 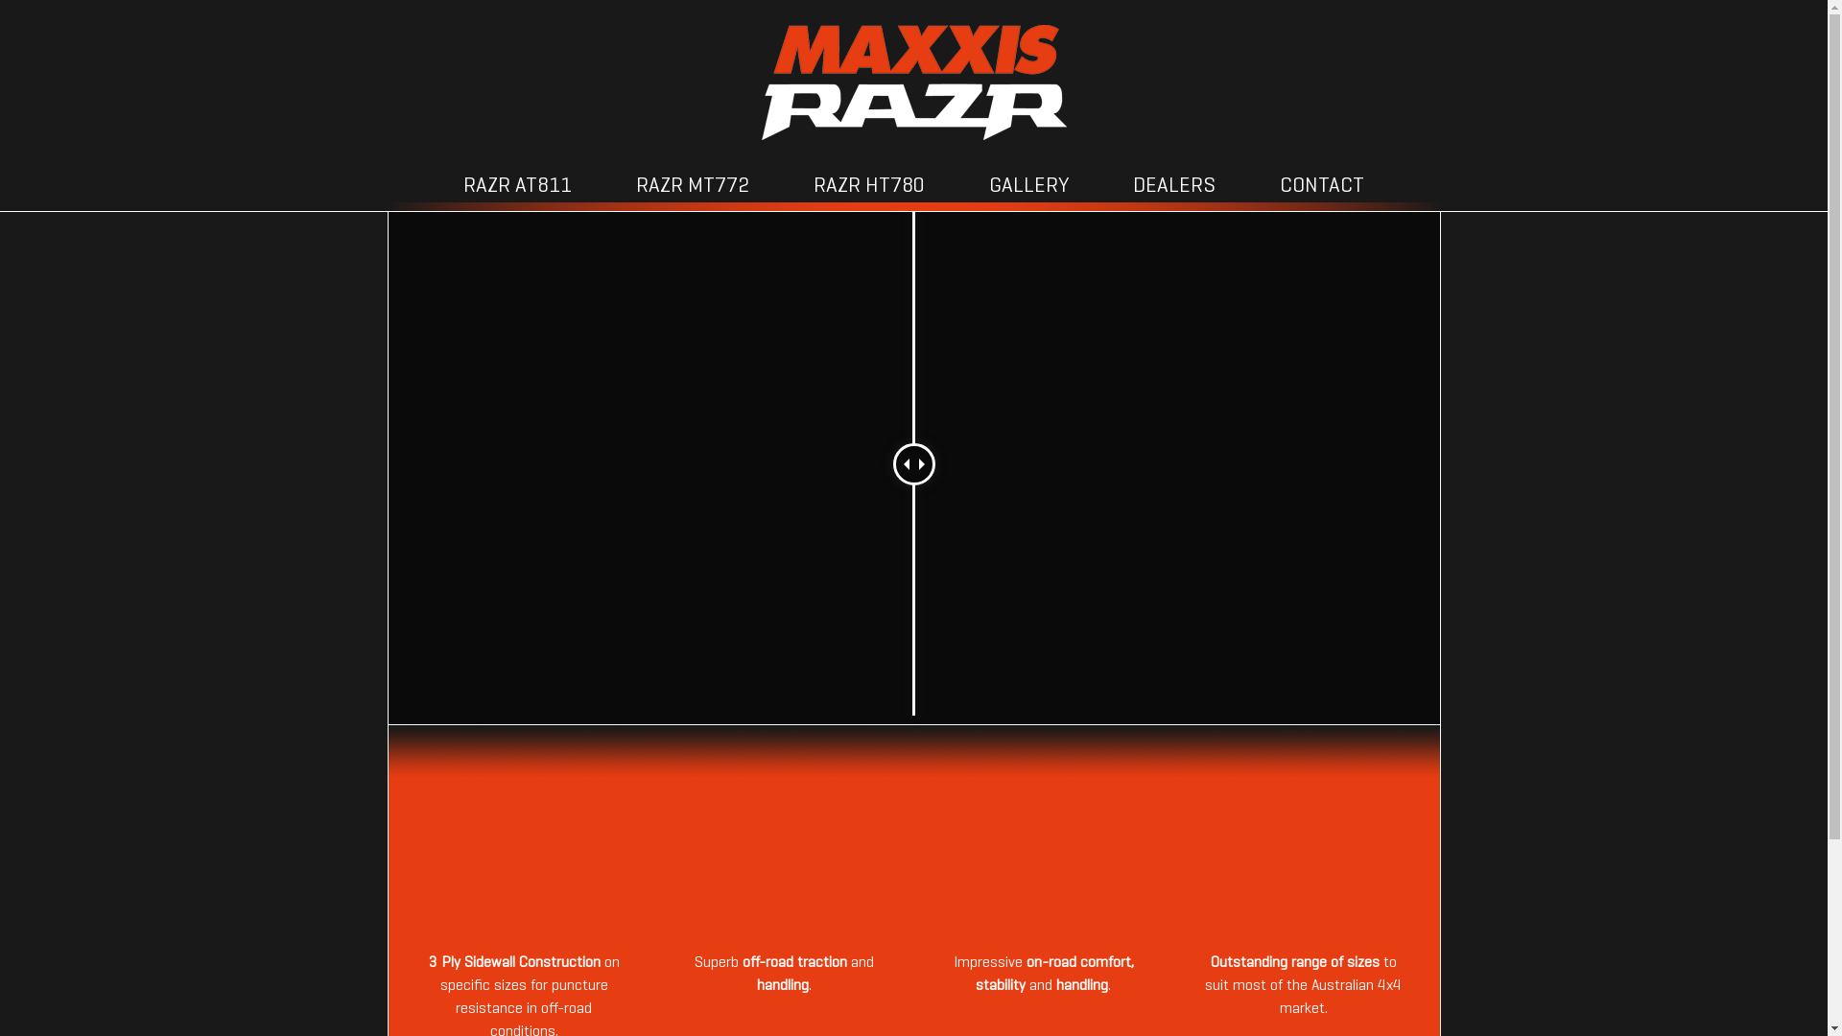 What do you see at coordinates (1320, 187) in the screenshot?
I see `'CONTACT'` at bounding box center [1320, 187].